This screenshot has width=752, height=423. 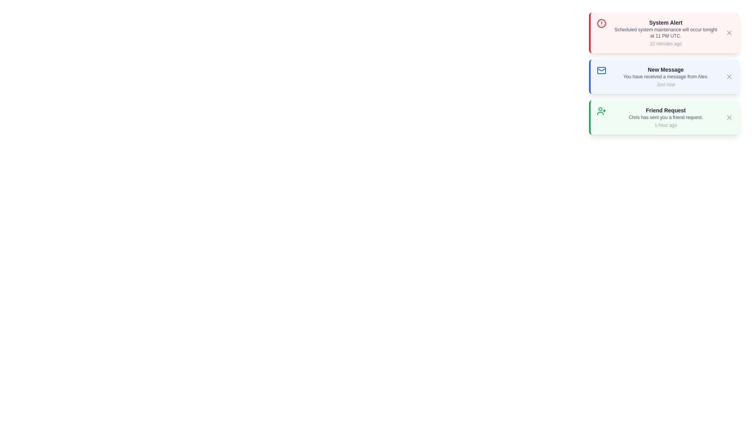 What do you see at coordinates (665, 110) in the screenshot?
I see `the text label displaying 'Friend Request', which is styled in bold, small dark gray font, located at the top part of the notification panel with a light green background` at bounding box center [665, 110].